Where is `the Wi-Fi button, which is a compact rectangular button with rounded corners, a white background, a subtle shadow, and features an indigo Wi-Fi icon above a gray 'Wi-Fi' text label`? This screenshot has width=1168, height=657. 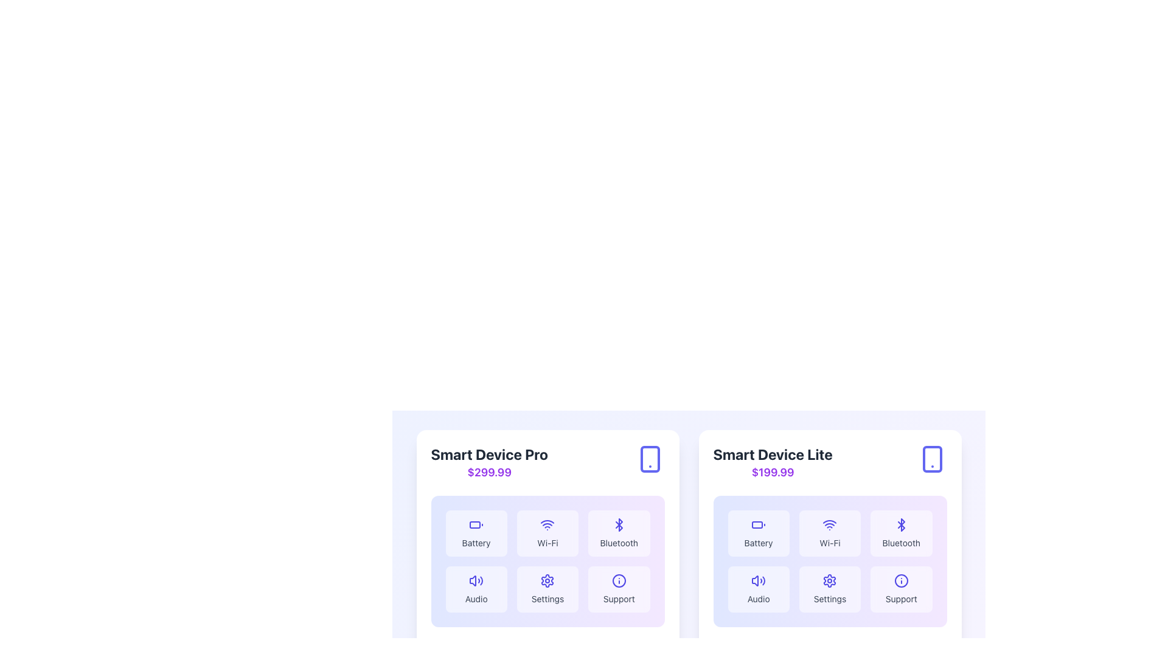
the Wi-Fi button, which is a compact rectangular button with rounded corners, a white background, a subtle shadow, and features an indigo Wi-Fi icon above a gray 'Wi-Fi' text label is located at coordinates (547, 532).